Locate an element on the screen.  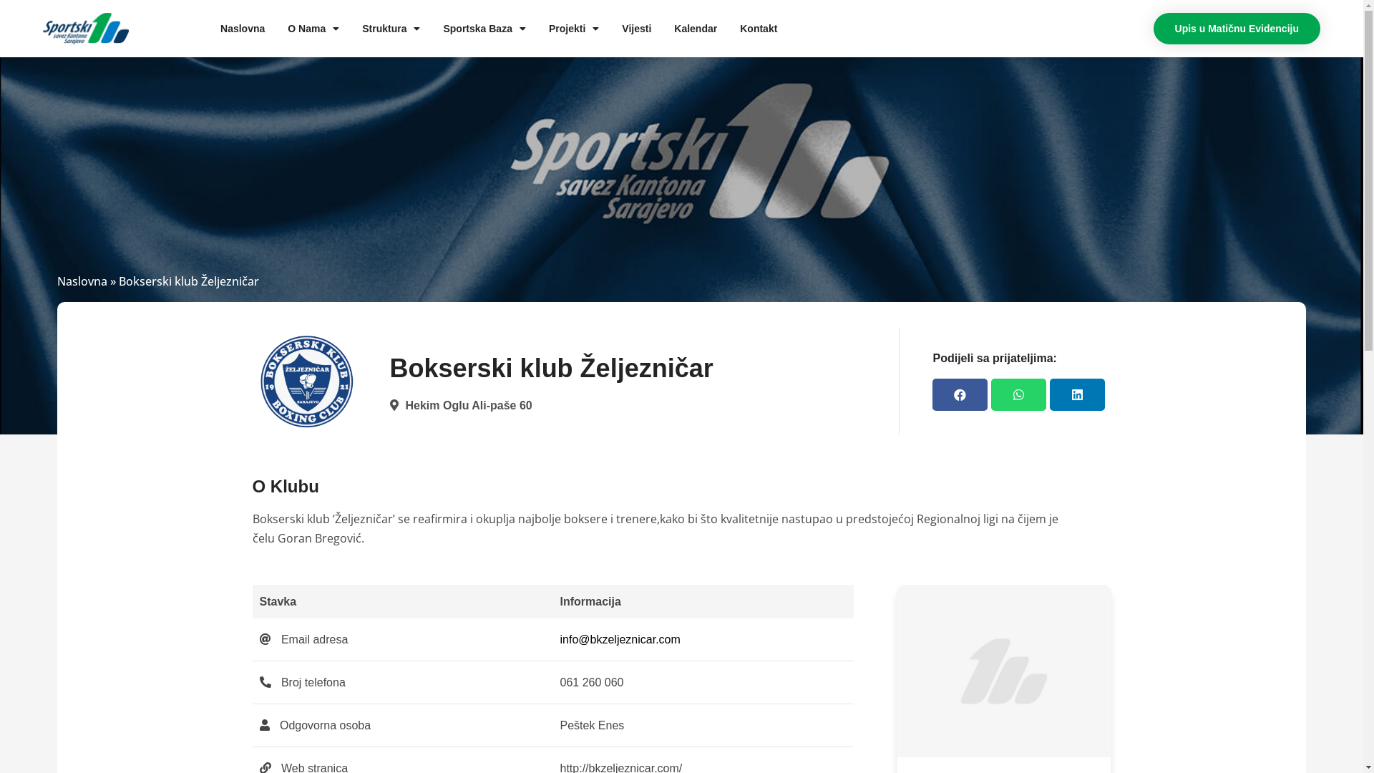
'info@bkzeljeznicar.com' is located at coordinates (619, 638).